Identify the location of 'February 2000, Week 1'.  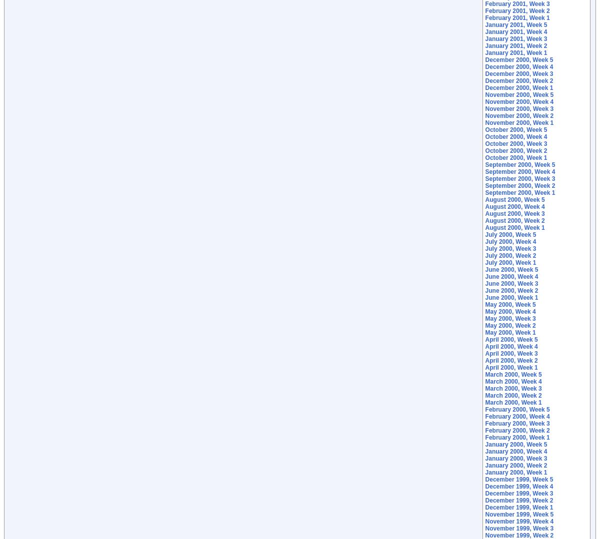
(517, 437).